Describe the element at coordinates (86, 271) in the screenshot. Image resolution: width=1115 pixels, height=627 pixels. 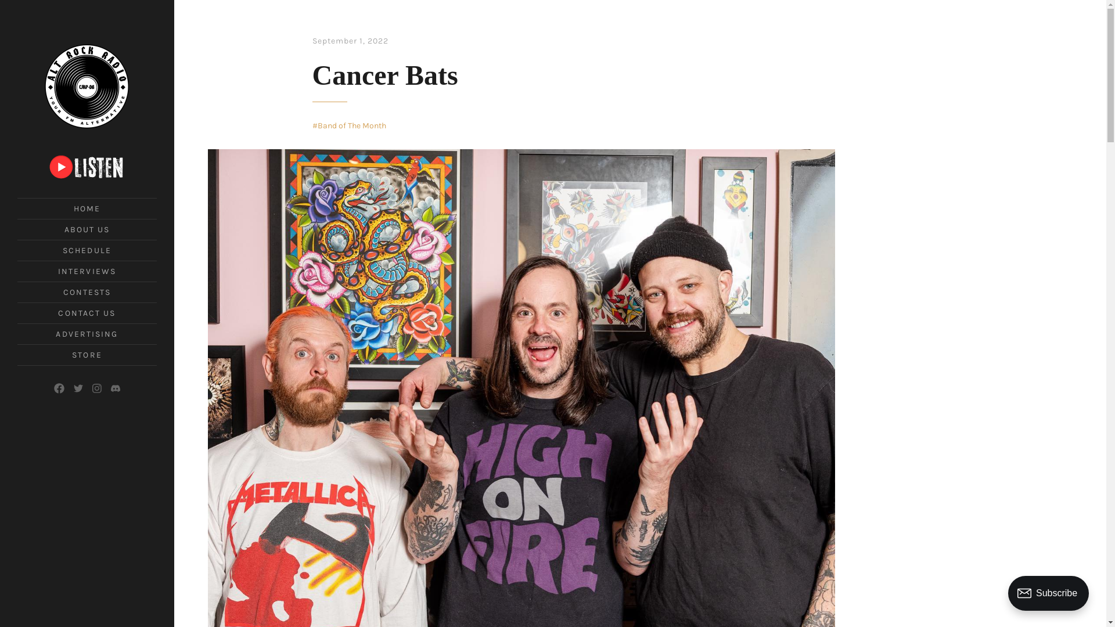
I see `'INTERVIEWS'` at that location.